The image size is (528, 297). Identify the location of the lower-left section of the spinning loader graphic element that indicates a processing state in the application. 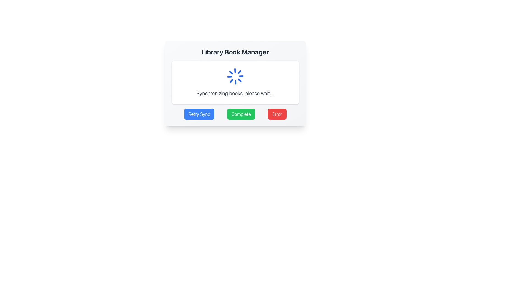
(238, 71).